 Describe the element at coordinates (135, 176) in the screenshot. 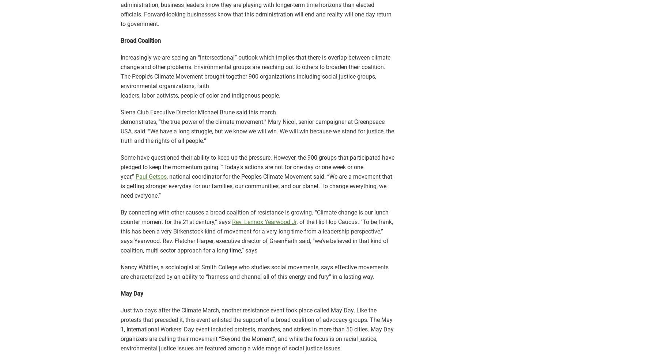

I see `'Paul Getsos'` at that location.